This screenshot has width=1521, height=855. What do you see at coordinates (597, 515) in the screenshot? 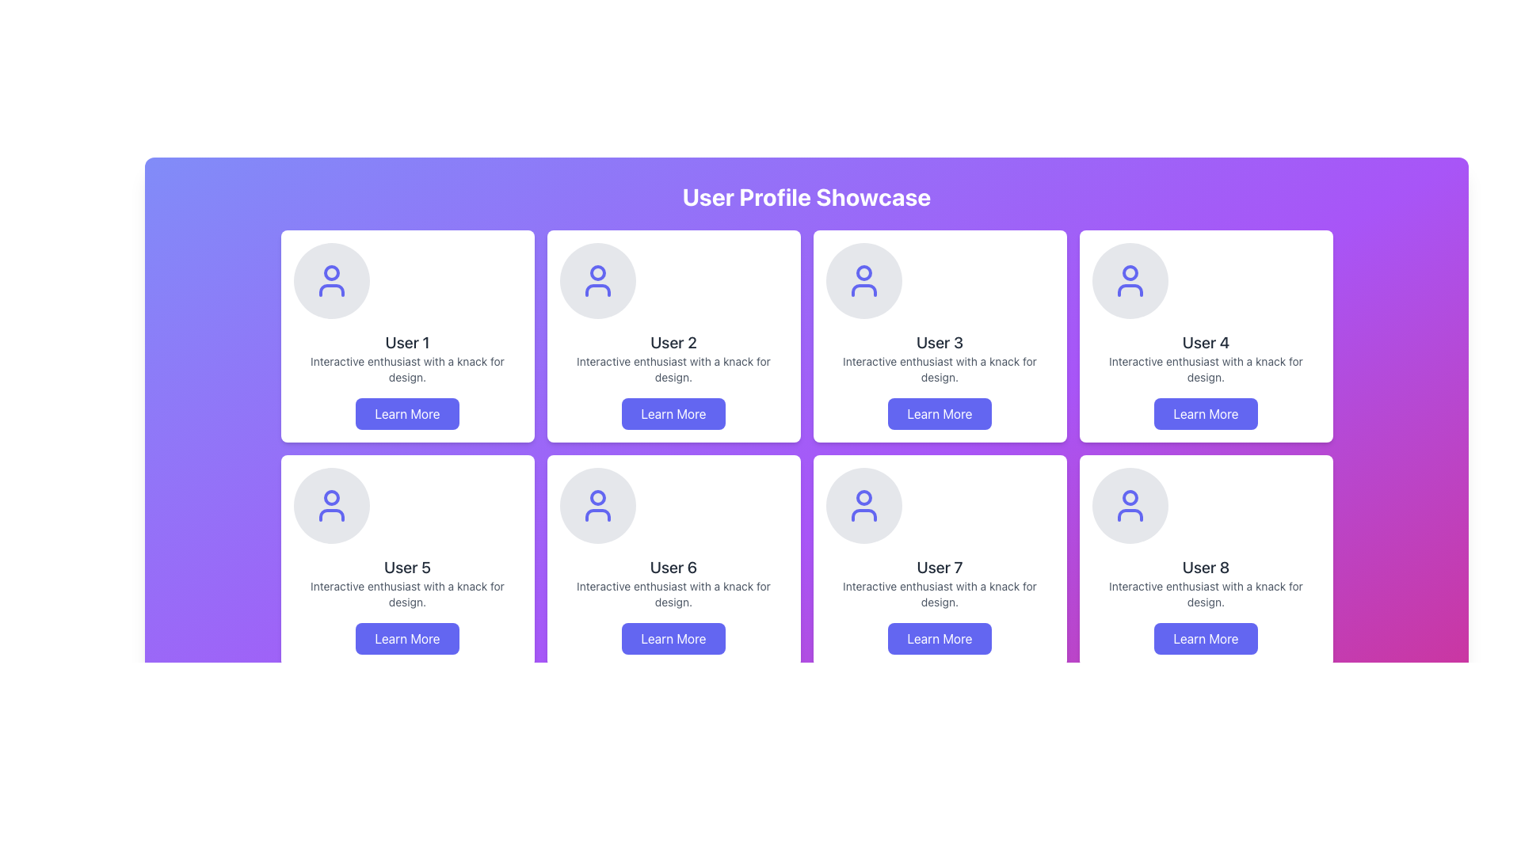
I see `the lower half of the user icon in the 'User 6' profile card, which is part of a two-part user icon consisting of a circular head and a body outline` at bounding box center [597, 515].